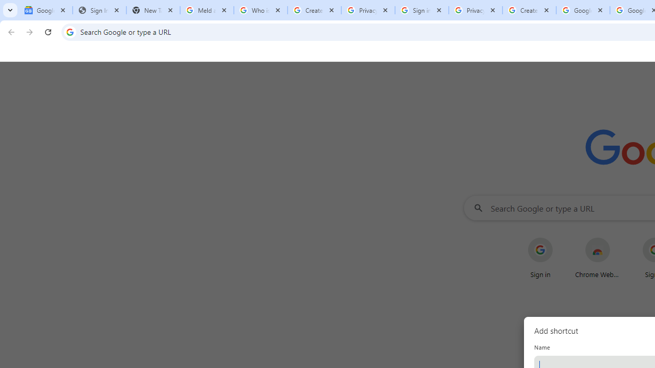 The width and height of the screenshot is (655, 368). Describe the element at coordinates (422, 10) in the screenshot. I see `'Sign in - Google Accounts'` at that location.